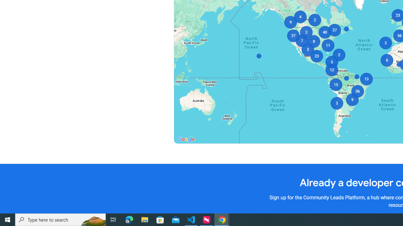  I want to click on '40', so click(325, 32).